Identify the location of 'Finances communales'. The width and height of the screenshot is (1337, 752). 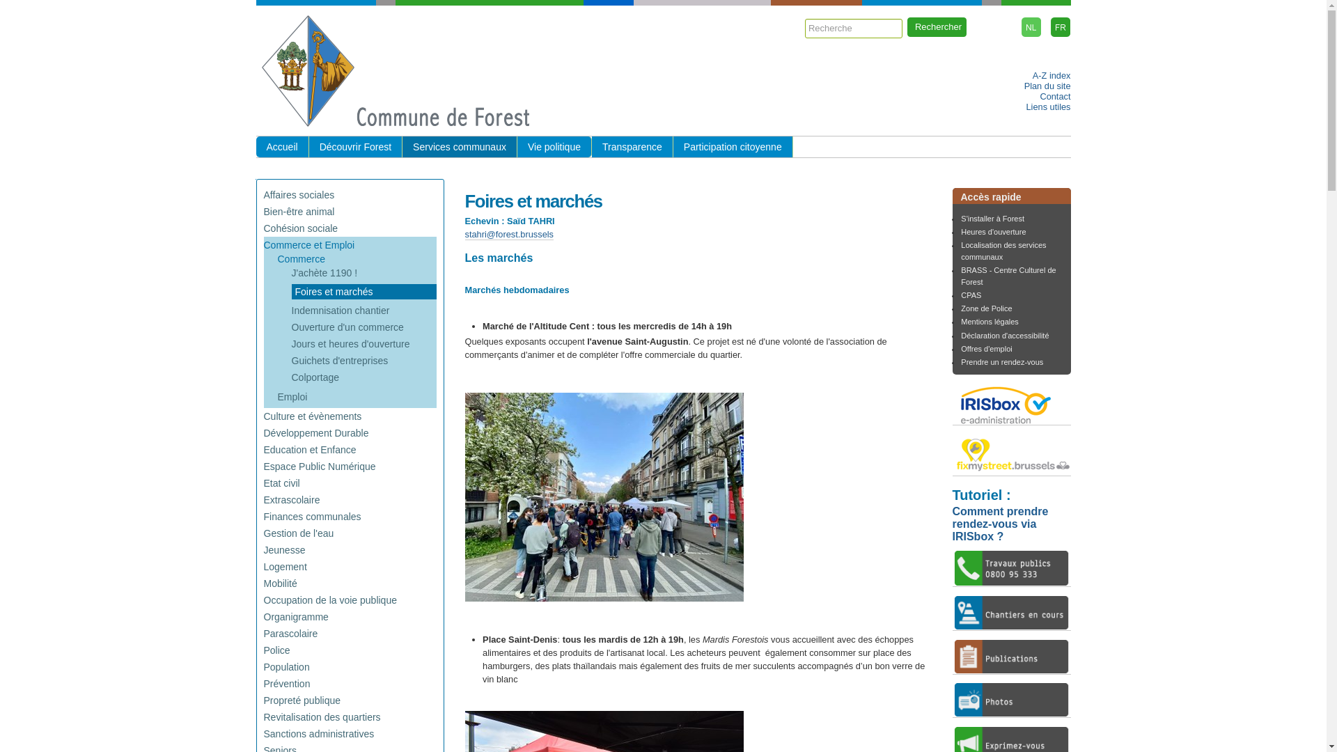
(311, 516).